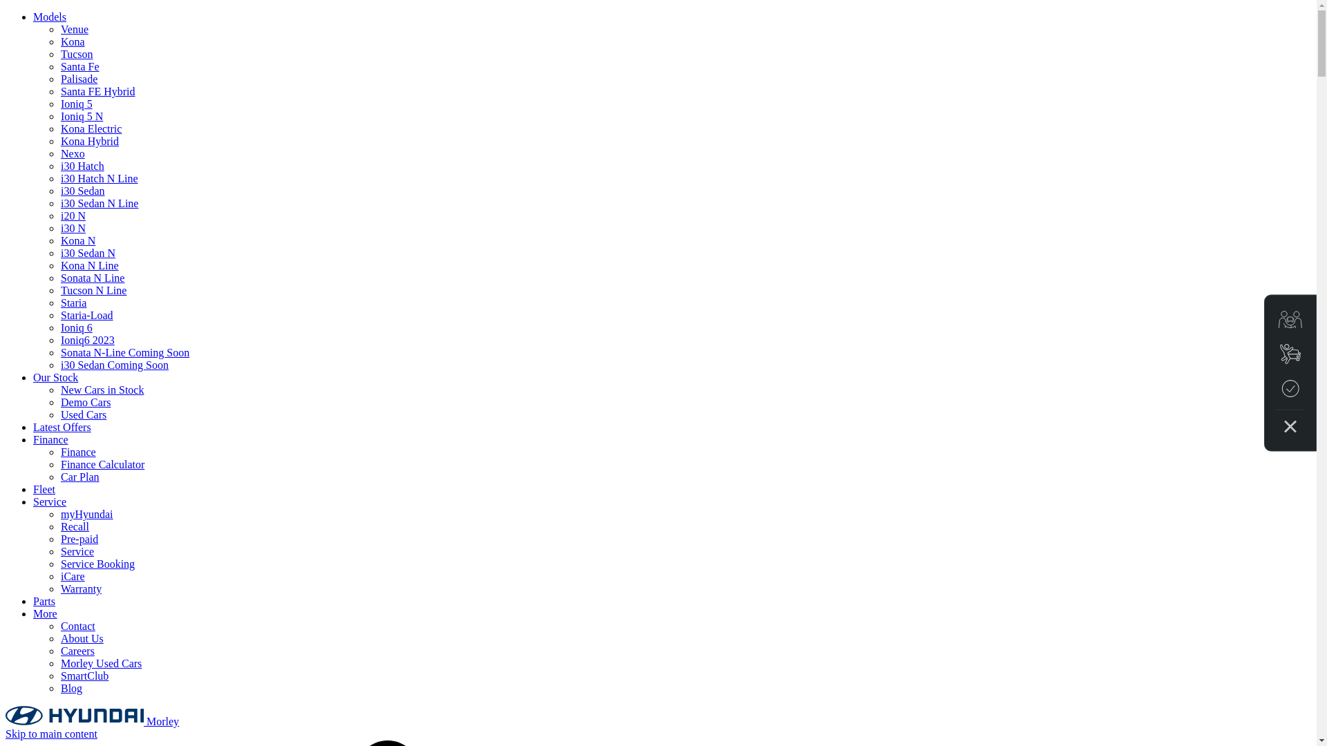  Describe the element at coordinates (102, 464) in the screenshot. I see `'Finance Calculator'` at that location.